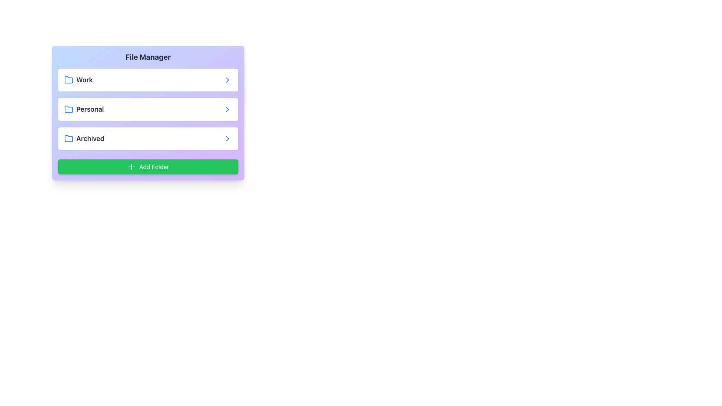 Image resolution: width=722 pixels, height=406 pixels. I want to click on the right-pointing chevron icon located on the far-right side of the 'Archived' list item in the 'File Manager' interface, so click(227, 139).